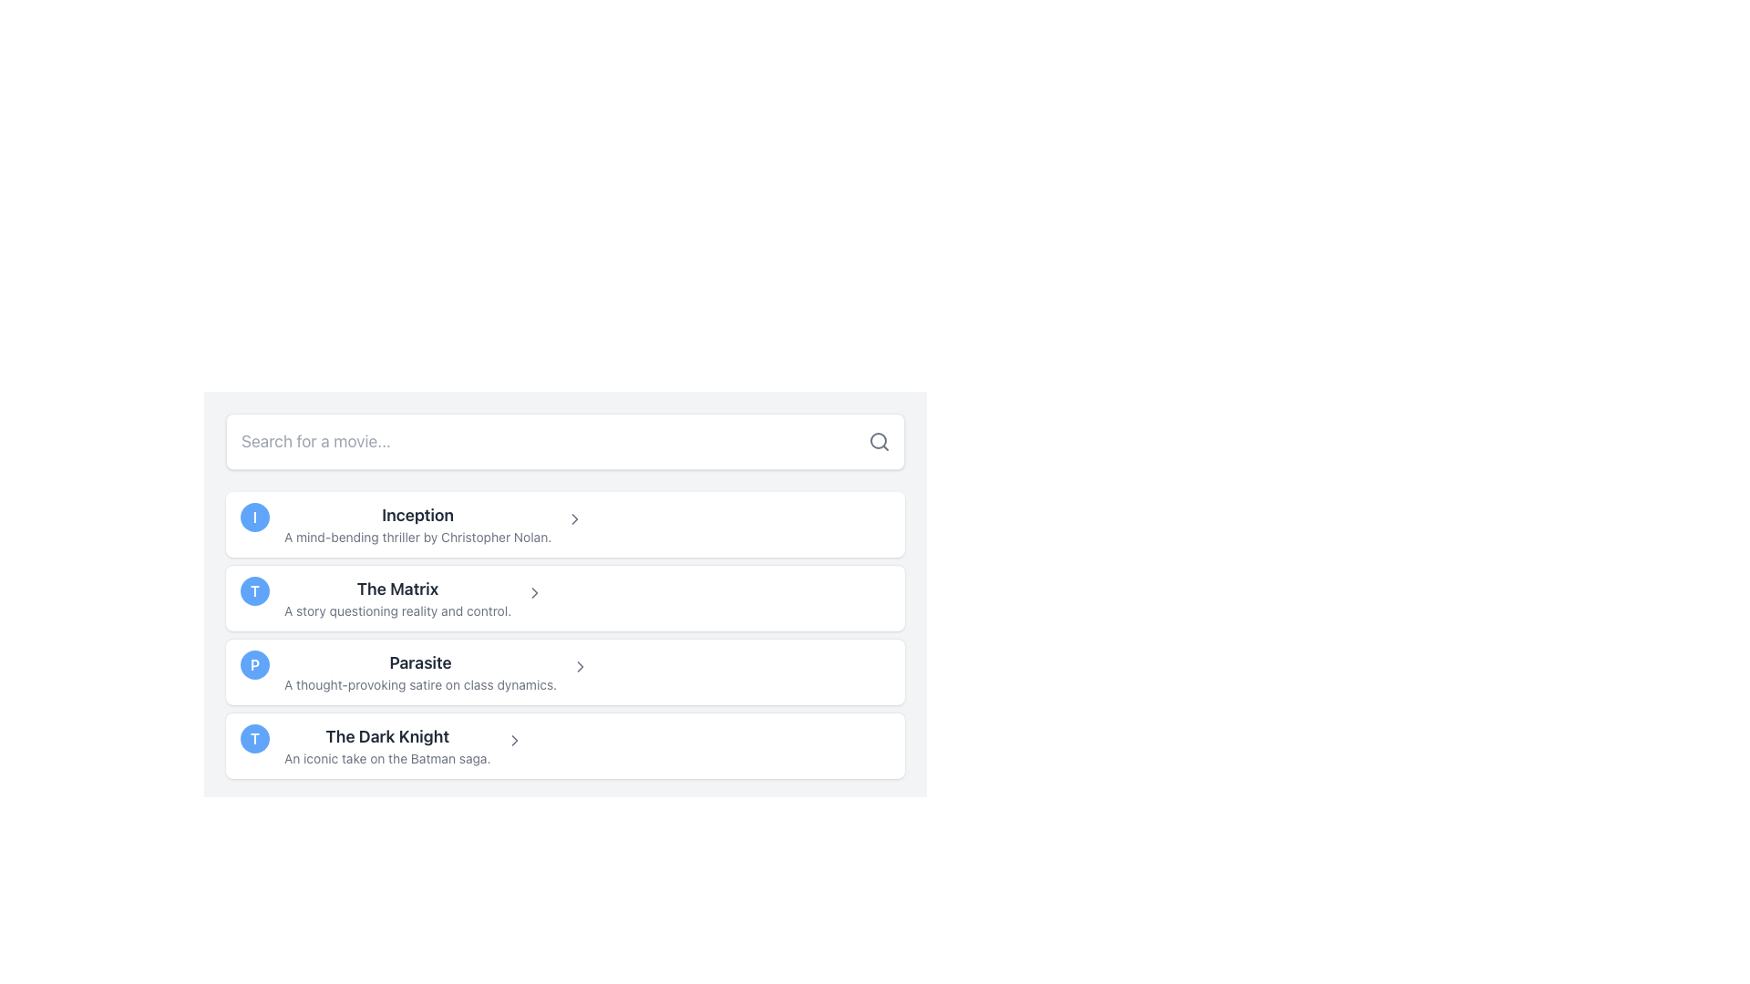 Image resolution: width=1750 pixels, height=984 pixels. What do you see at coordinates (396, 598) in the screenshot?
I see `text from the label containing the title 'The Matrix' and subtitle 'A story questioning reality and control.'` at bounding box center [396, 598].